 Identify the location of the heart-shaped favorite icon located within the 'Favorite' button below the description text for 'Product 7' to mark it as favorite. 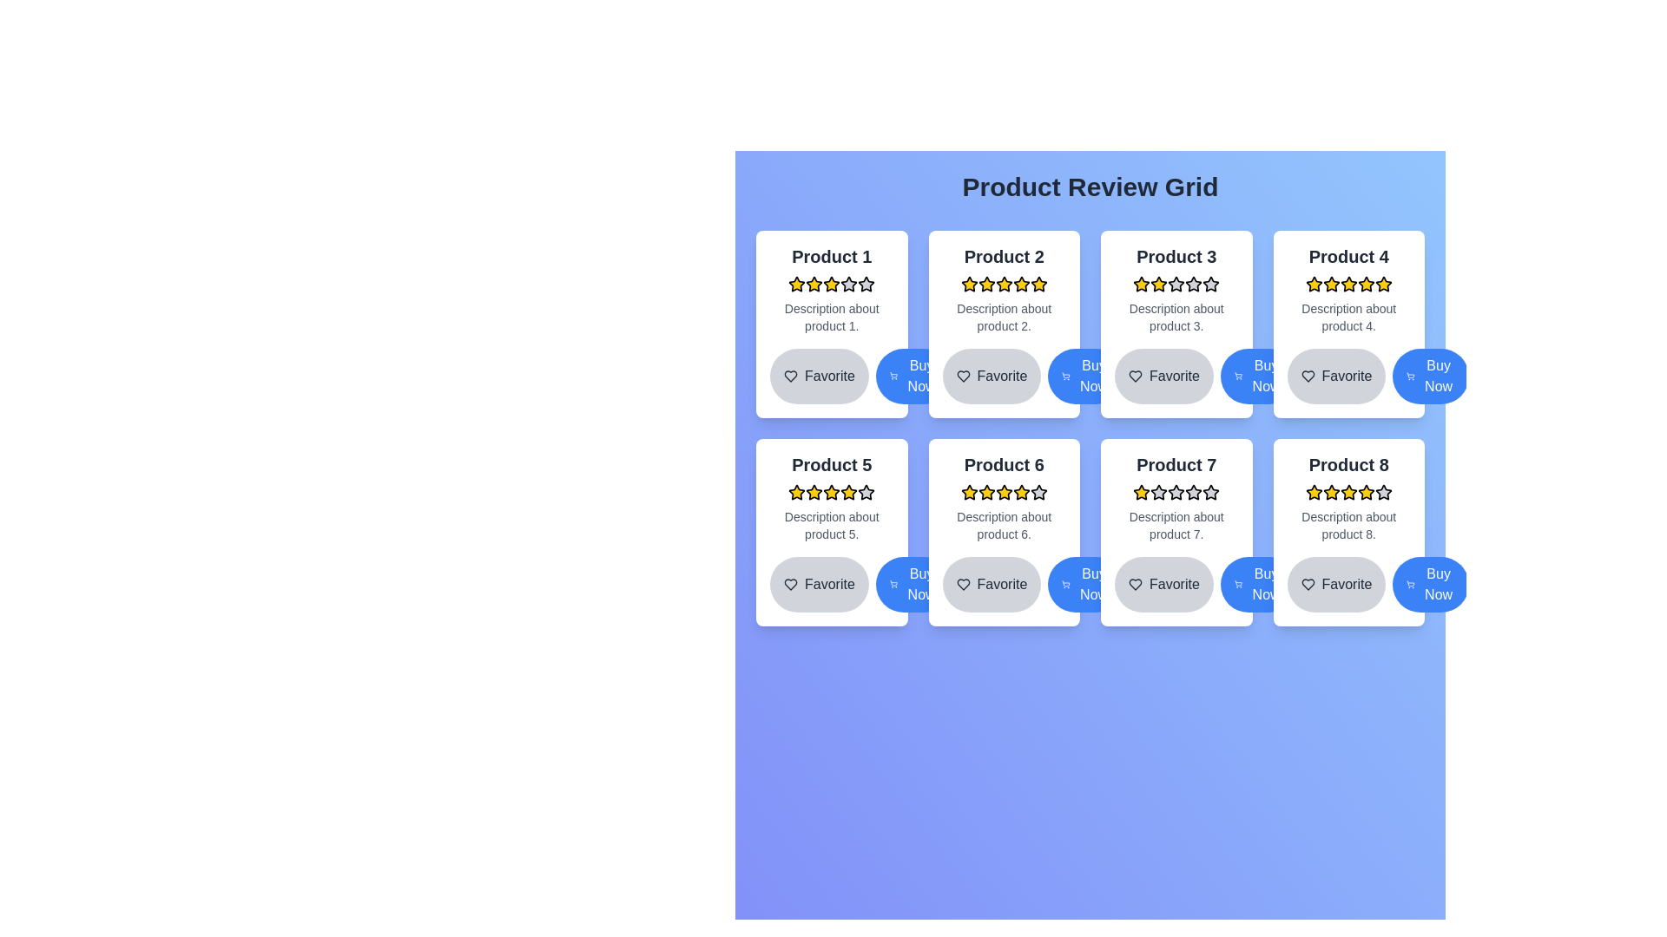
(1136, 585).